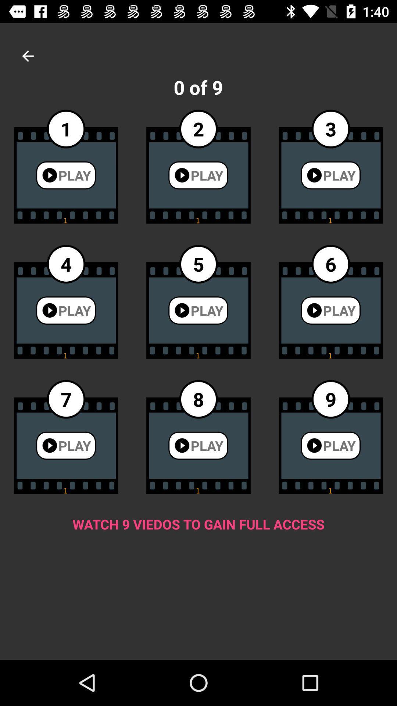 The image size is (397, 706). What do you see at coordinates (28, 56) in the screenshot?
I see `item next to the 0 of 9` at bounding box center [28, 56].